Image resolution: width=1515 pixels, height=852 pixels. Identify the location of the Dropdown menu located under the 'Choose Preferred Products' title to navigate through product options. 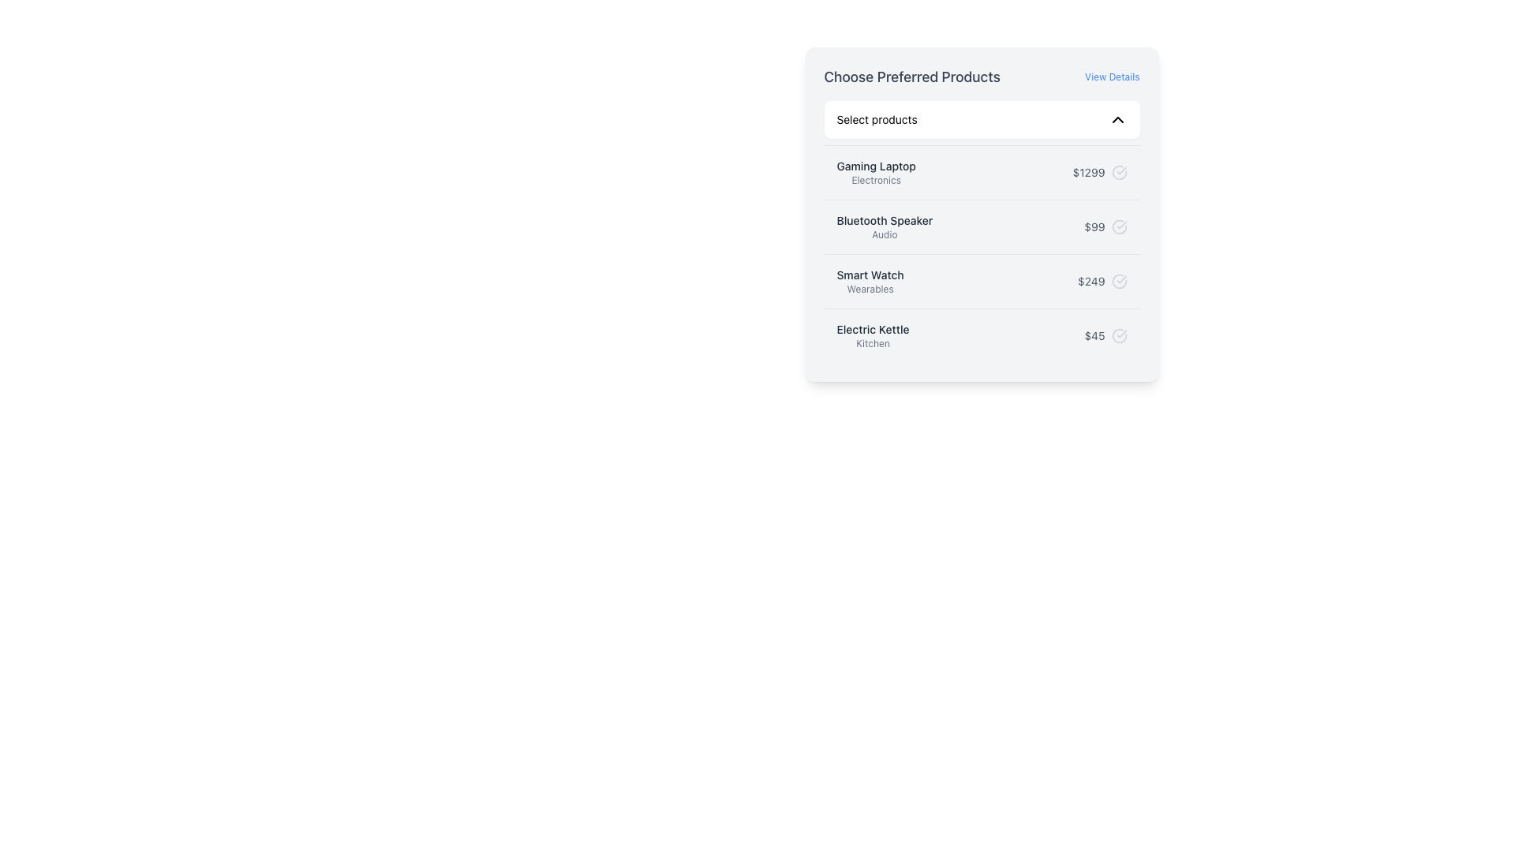
(981, 118).